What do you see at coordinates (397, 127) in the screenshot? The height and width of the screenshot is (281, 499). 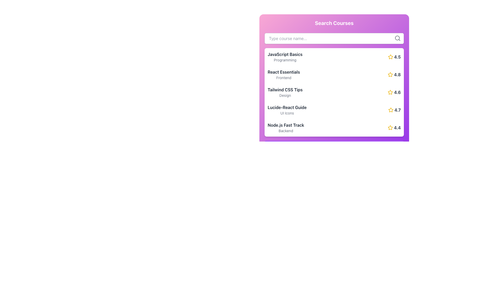 I see `the text label displaying the value '4.4' which is bold and gray, located beside a yellow star icon as the last item in the rating list` at bounding box center [397, 127].